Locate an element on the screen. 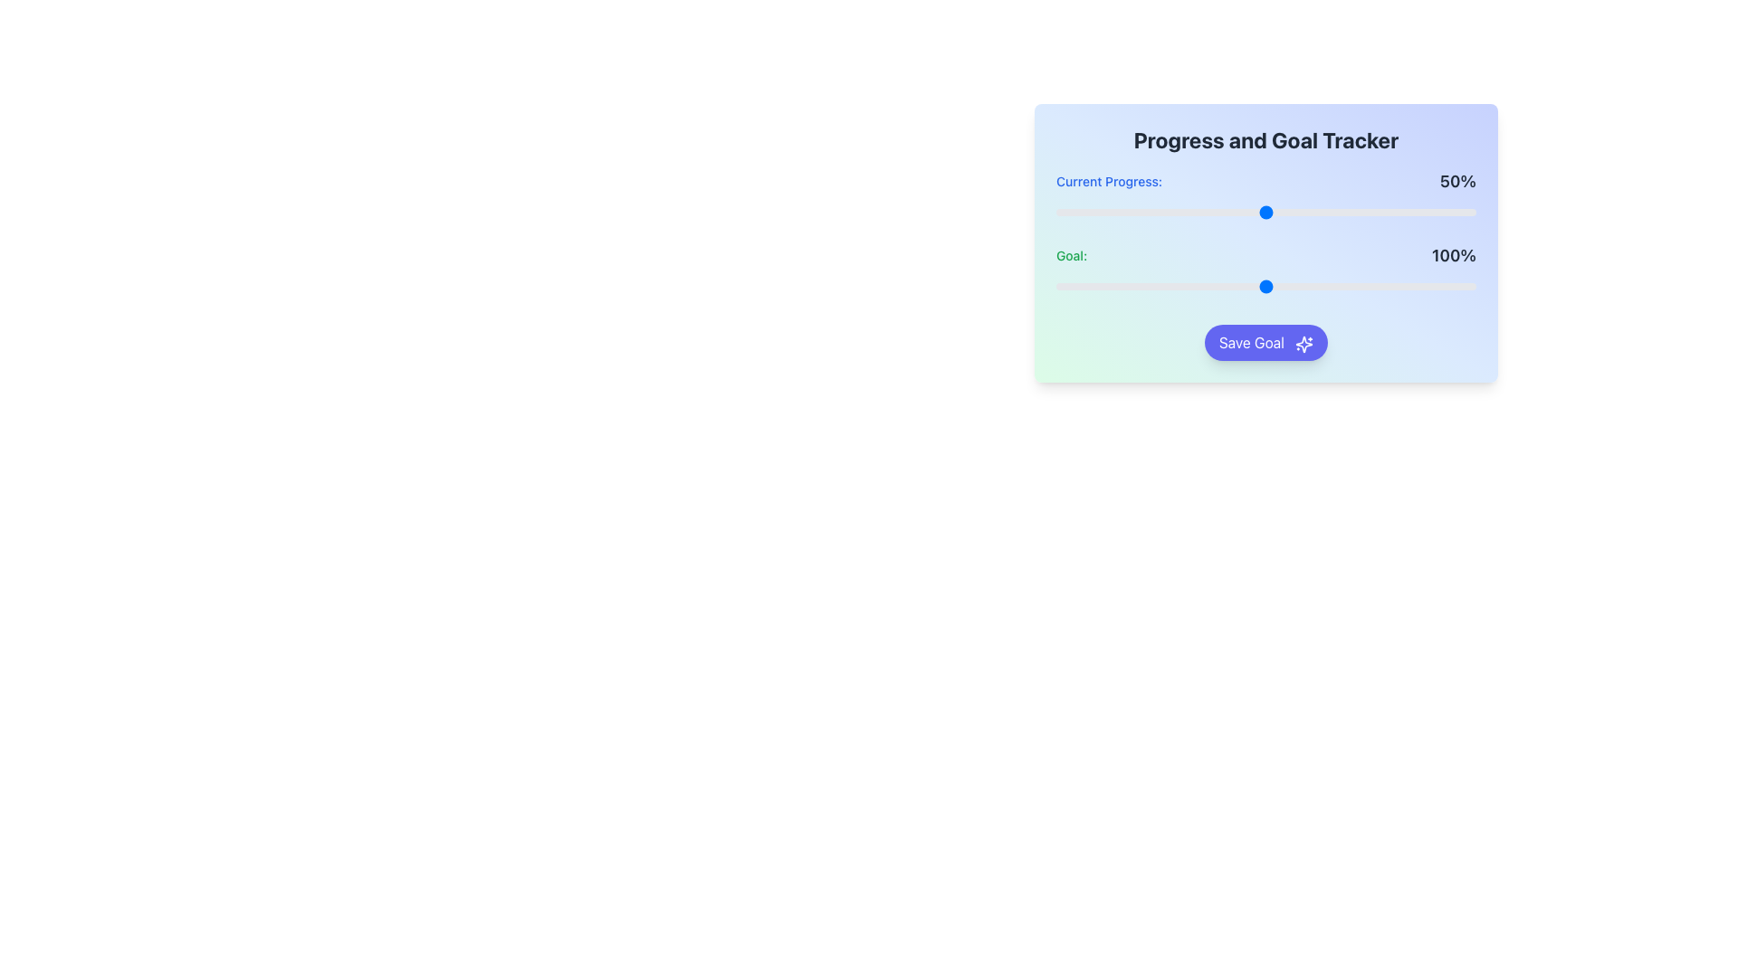 This screenshot has width=1738, height=977. the slider is located at coordinates (1312, 212).